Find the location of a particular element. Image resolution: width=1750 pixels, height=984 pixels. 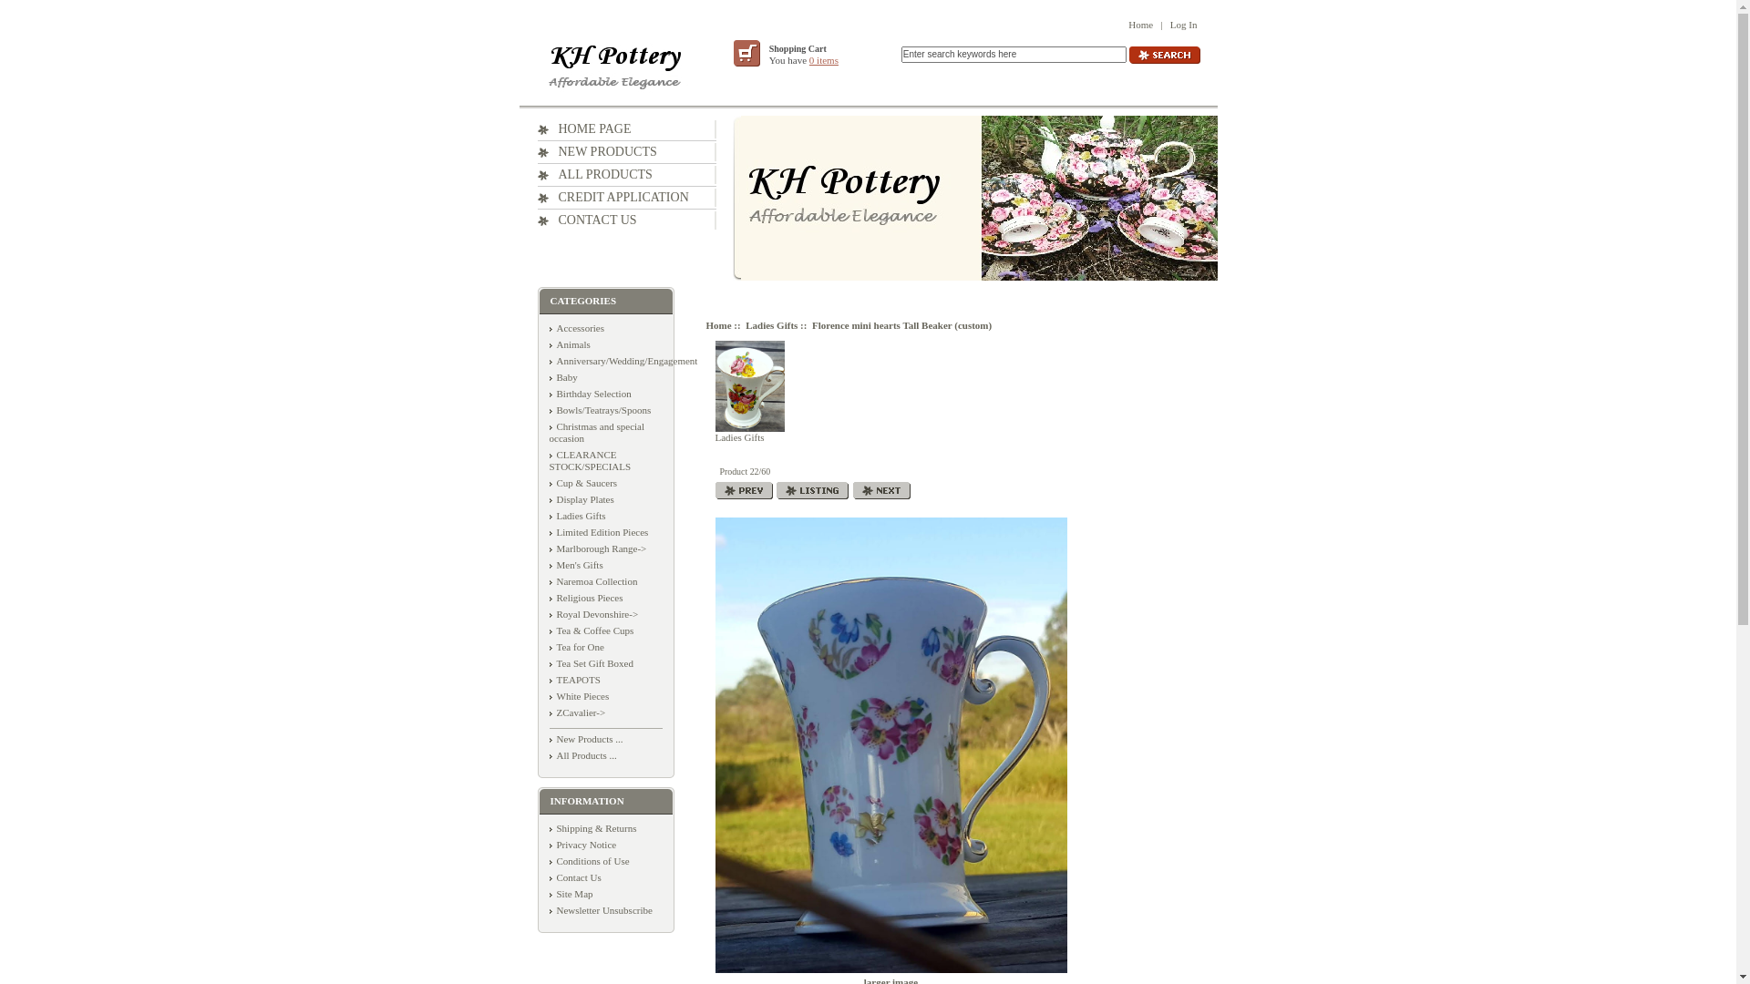

' Search ' is located at coordinates (1162, 54).